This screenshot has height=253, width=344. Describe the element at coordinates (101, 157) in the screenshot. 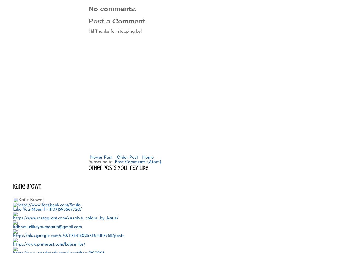

I see `'Newer Post'` at that location.